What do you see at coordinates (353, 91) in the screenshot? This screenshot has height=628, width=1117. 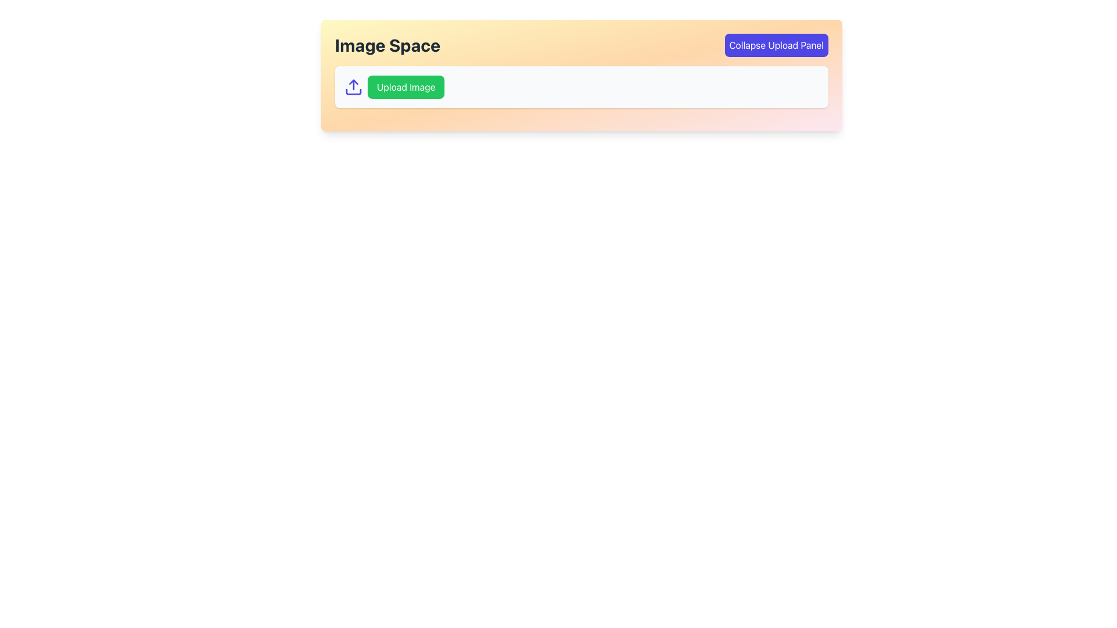 I see `the lower rectangular segment of the icon that represents a box, which is part of a vertical arrow and box combination, located to the left of the 'Upload Image' button in the 'Image Space' panel` at bounding box center [353, 91].